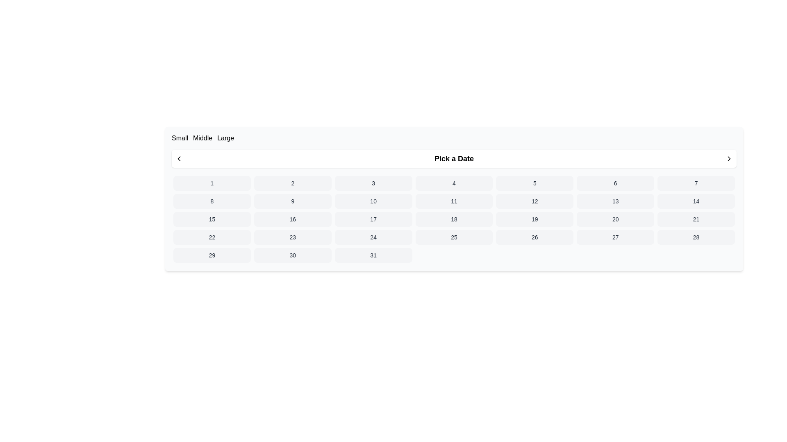  What do you see at coordinates (178, 159) in the screenshot?
I see `the left-pointing chevron button in the header of the date selection modal to activate hover effects` at bounding box center [178, 159].